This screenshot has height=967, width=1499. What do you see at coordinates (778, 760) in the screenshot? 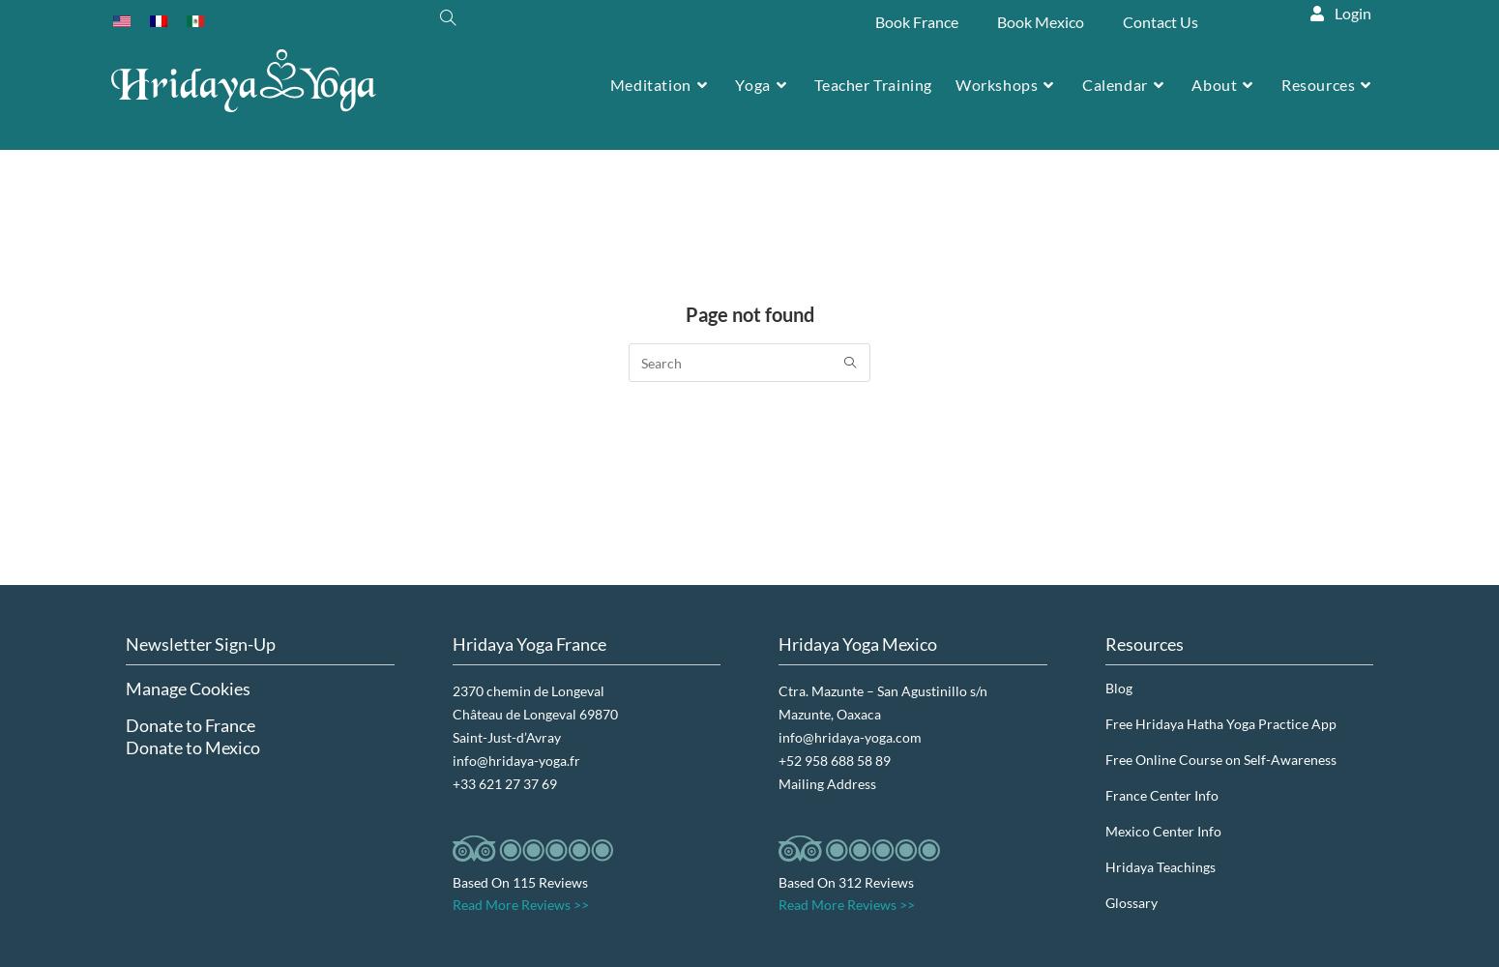
I see `'+52 958 688 58 89'` at bounding box center [778, 760].